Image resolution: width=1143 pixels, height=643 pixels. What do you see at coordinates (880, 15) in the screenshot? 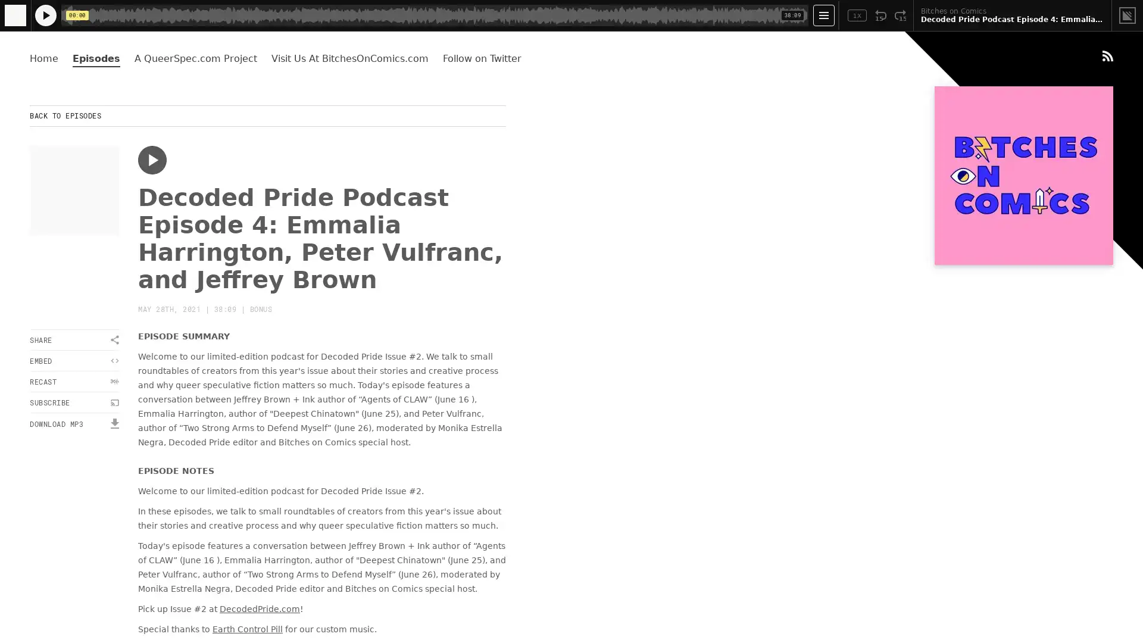
I see `Rewind 15 Seconds` at bounding box center [880, 15].